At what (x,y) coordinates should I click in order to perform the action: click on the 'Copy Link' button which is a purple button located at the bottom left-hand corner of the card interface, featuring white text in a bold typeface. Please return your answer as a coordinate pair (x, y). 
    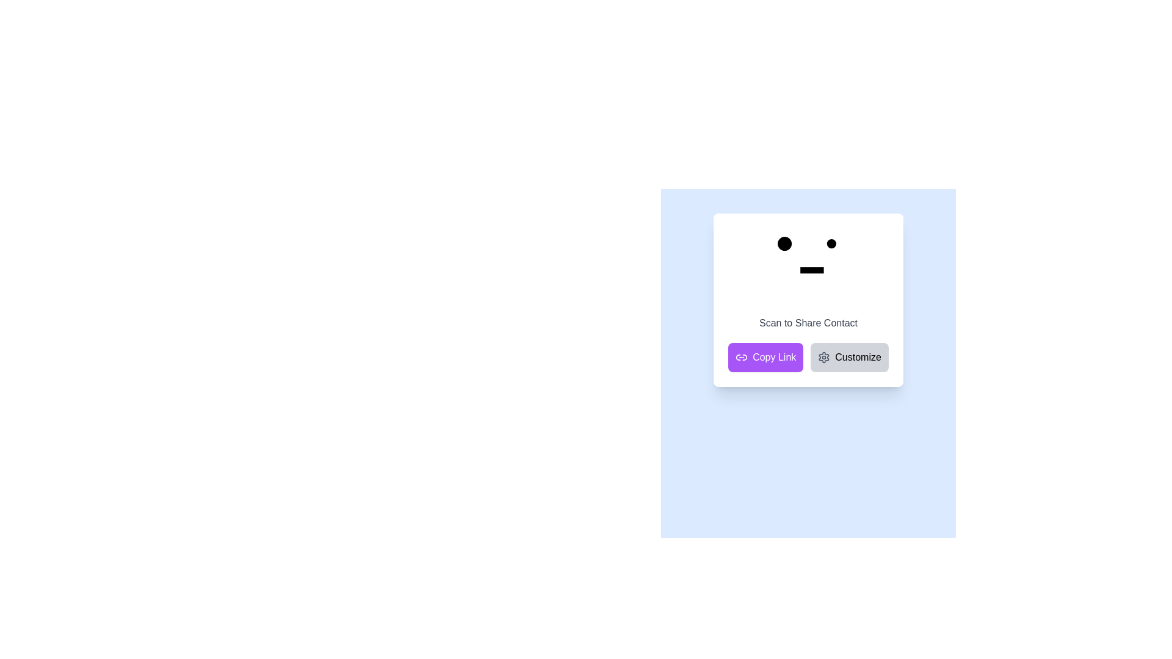
    Looking at the image, I should click on (773, 357).